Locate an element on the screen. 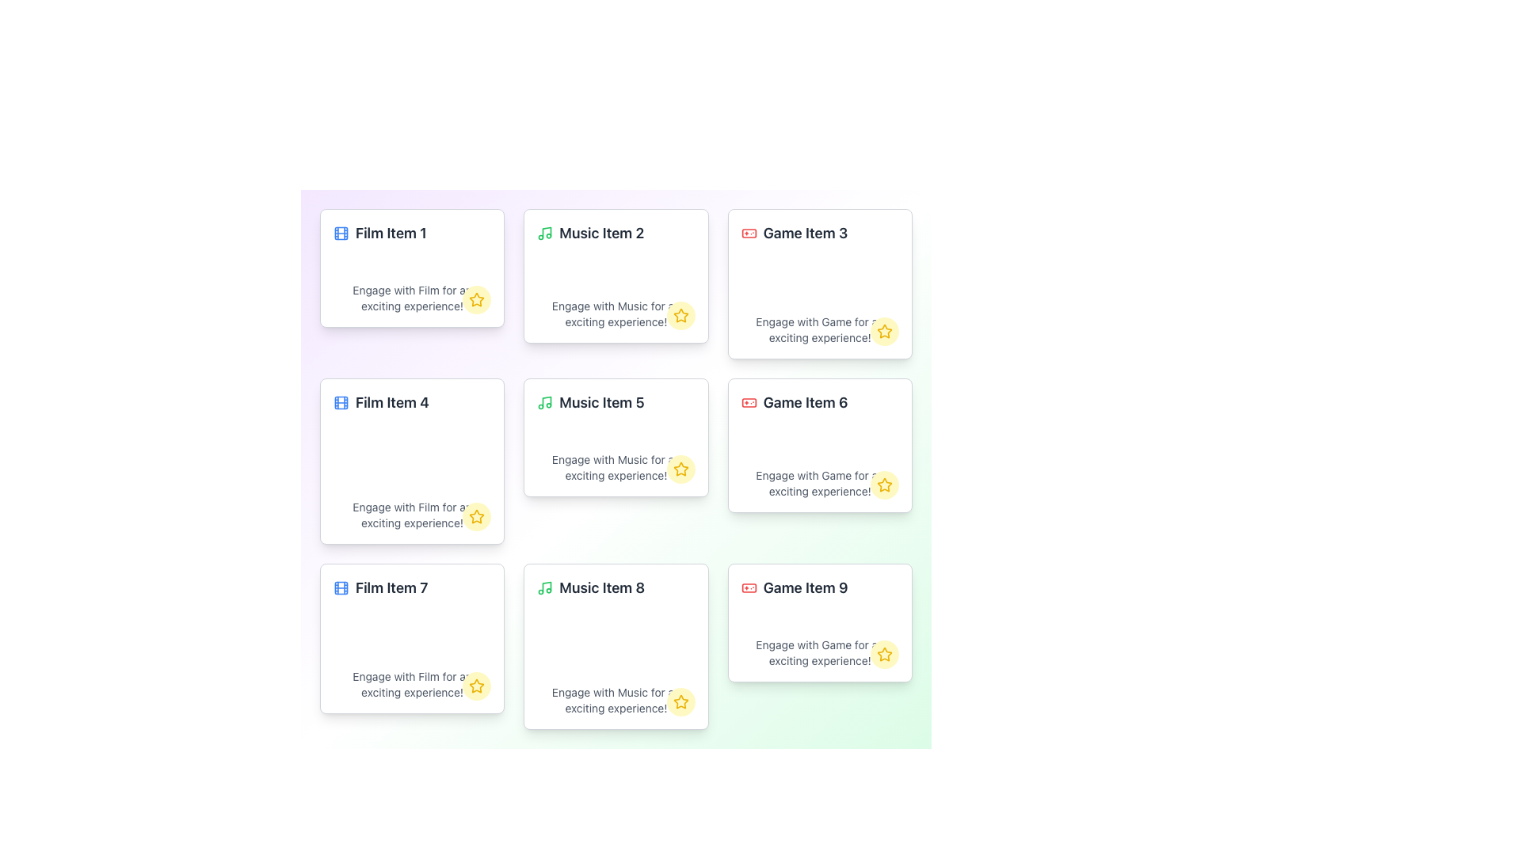 This screenshot has height=855, width=1521. the ninth card in the grid layout that represents 'Game Item 9', located in the bottom-right corner of the interface is located at coordinates (820, 621).